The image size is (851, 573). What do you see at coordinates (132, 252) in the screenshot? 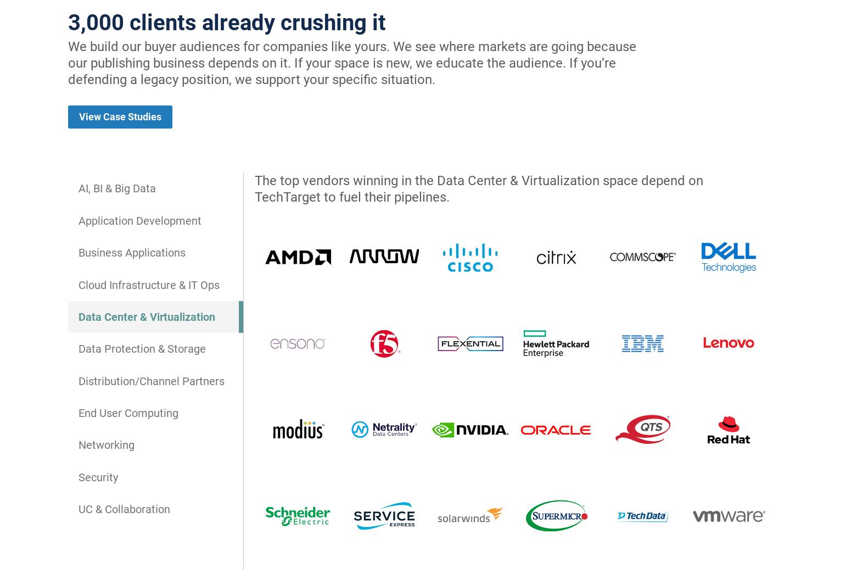
I see `'Business Applications'` at bounding box center [132, 252].